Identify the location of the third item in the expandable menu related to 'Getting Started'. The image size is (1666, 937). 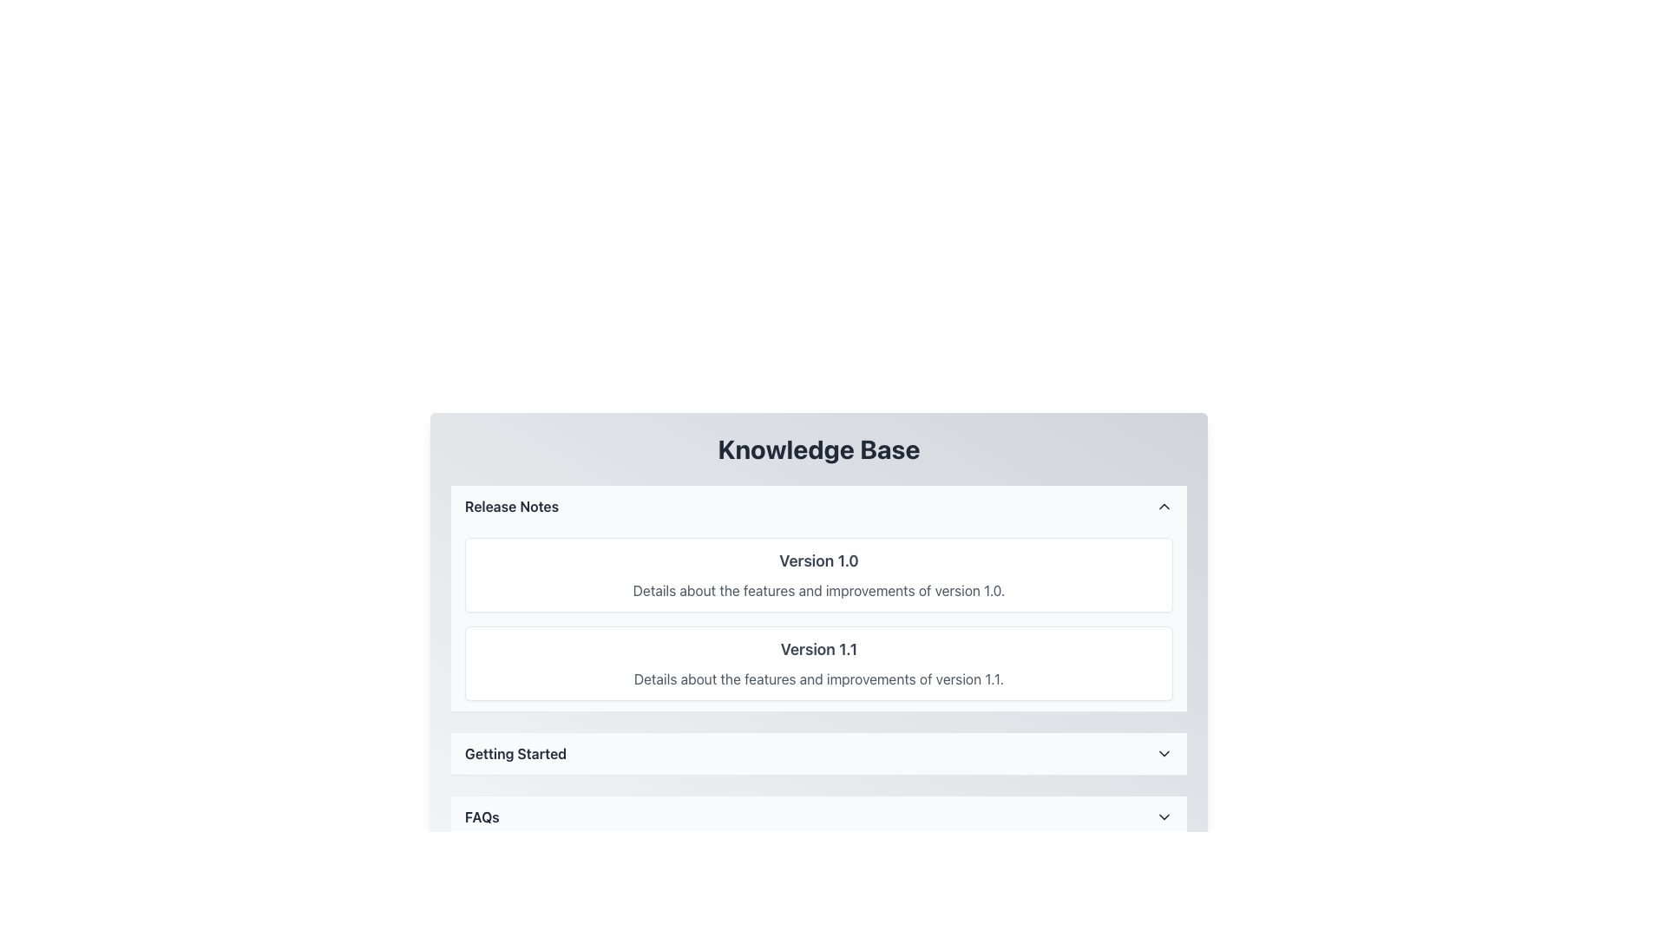
(818, 753).